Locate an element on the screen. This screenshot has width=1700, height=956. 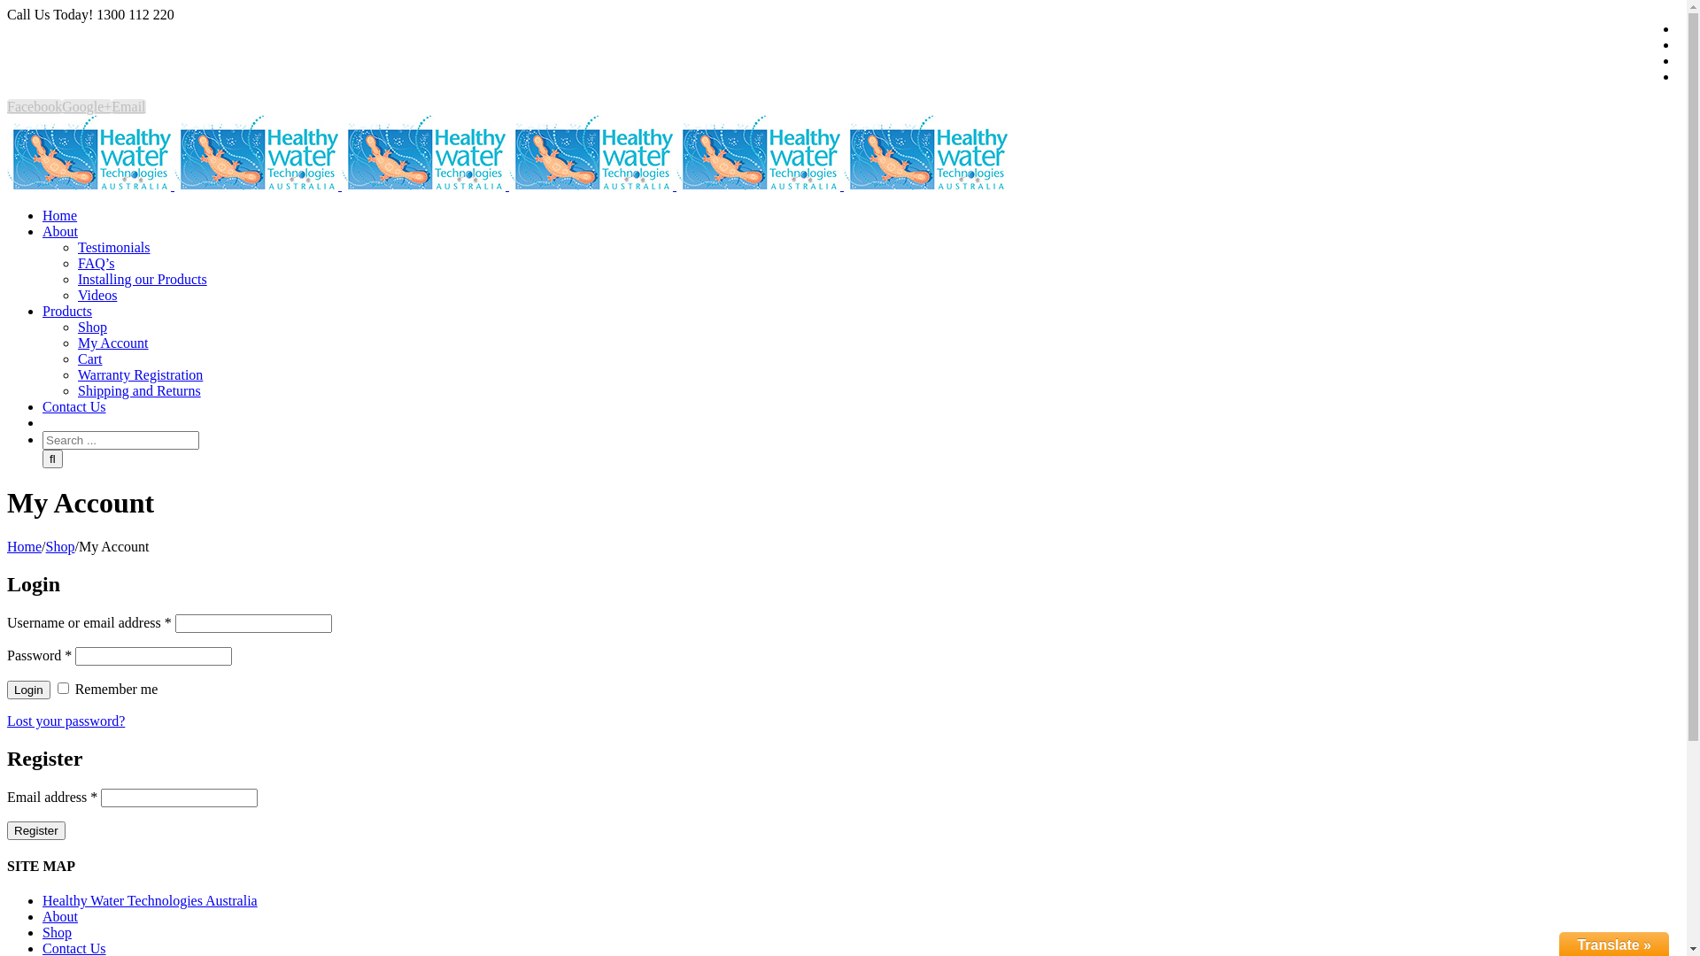
'Shipping and Returns' is located at coordinates (138, 389).